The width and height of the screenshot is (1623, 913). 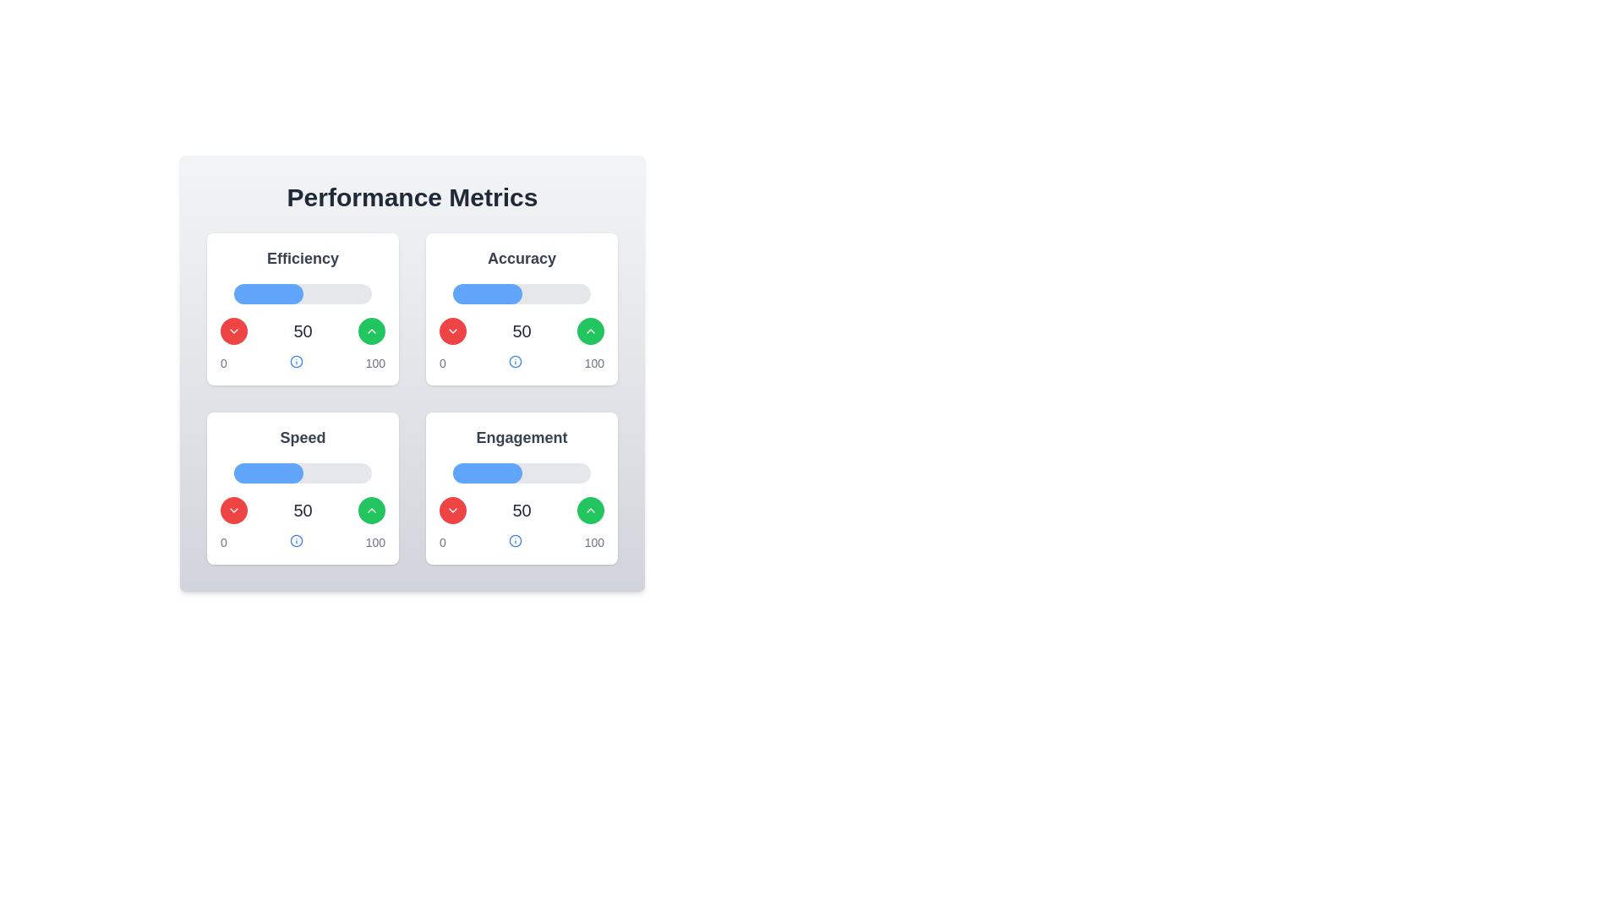 I want to click on the progress bar or slider, so click(x=369, y=473).